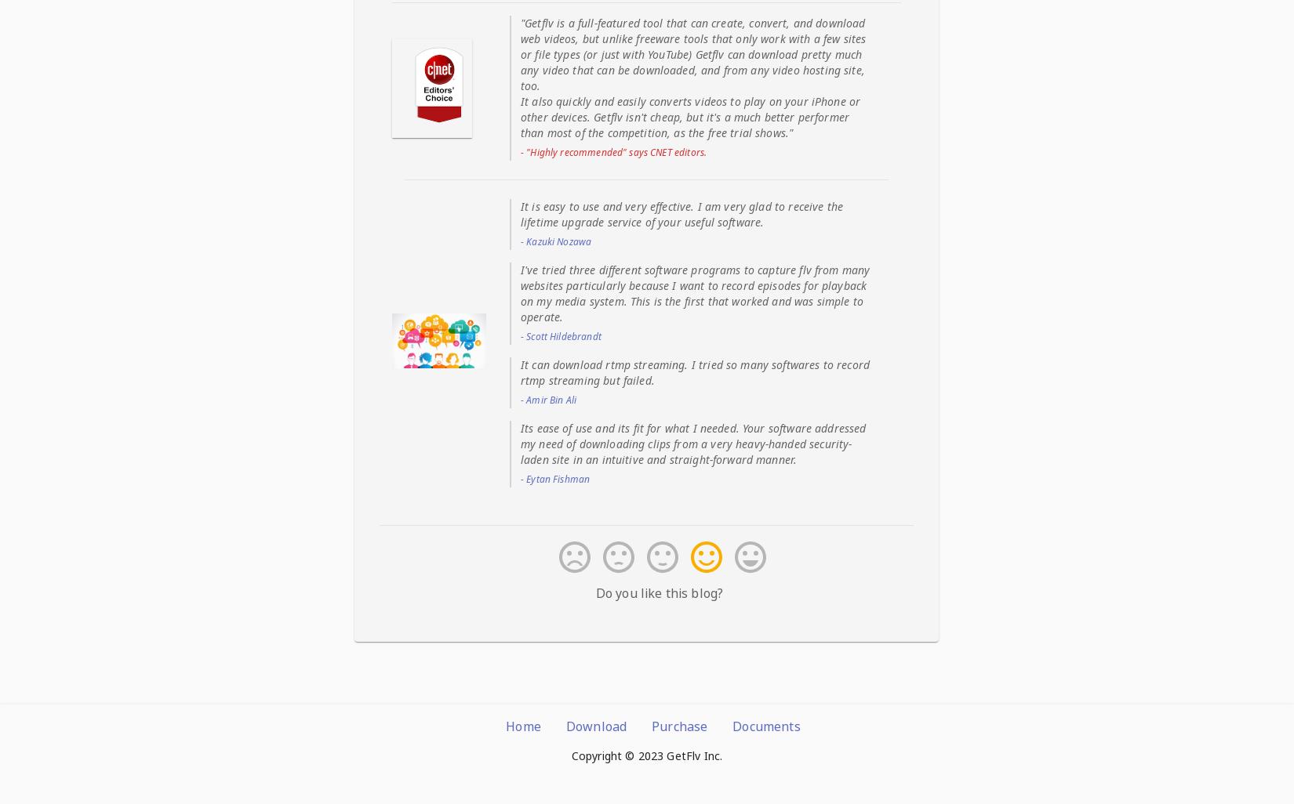 The height and width of the screenshot is (804, 1294). Describe the element at coordinates (636, 755) in the screenshot. I see `'2023'` at that location.